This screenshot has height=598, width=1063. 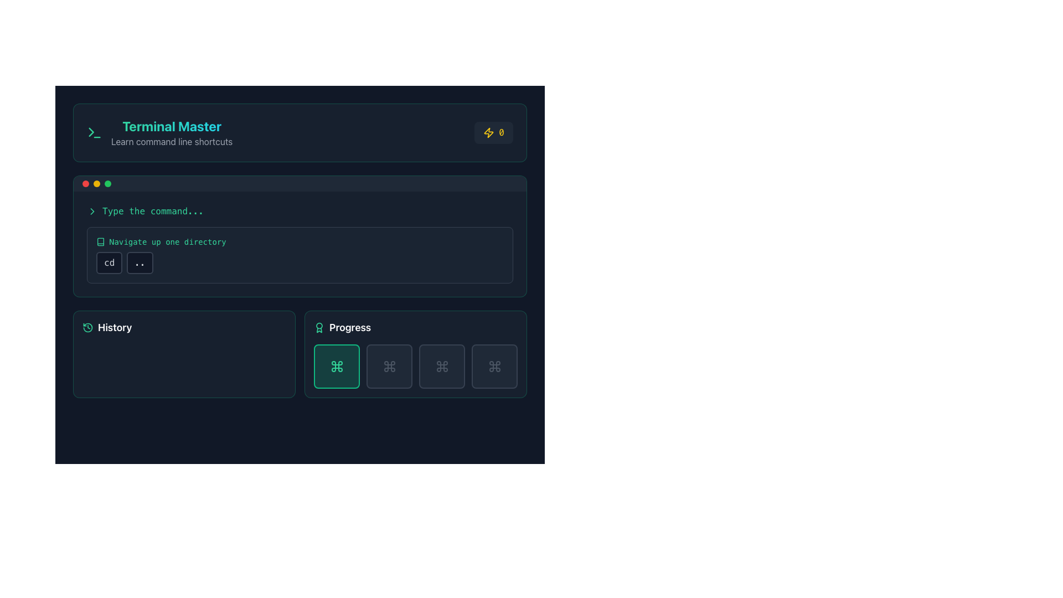 I want to click on the right-pointing chevron arrow icon, so click(x=92, y=211).